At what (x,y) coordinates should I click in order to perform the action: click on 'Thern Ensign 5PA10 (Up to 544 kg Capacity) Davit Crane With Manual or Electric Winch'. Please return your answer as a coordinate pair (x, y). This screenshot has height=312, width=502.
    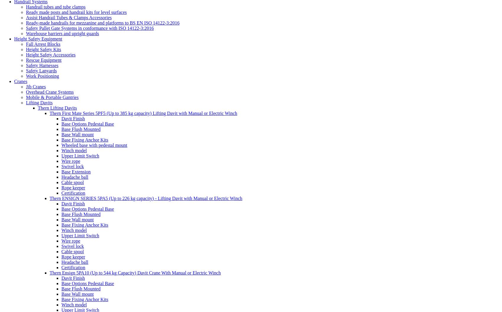
    Looking at the image, I should click on (135, 272).